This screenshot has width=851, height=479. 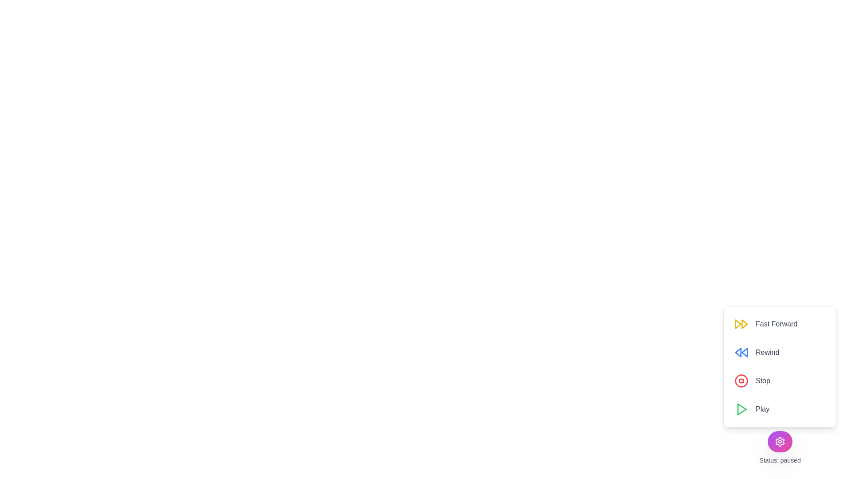 I want to click on 'Play' button to change the status to 'playing', so click(x=751, y=409).